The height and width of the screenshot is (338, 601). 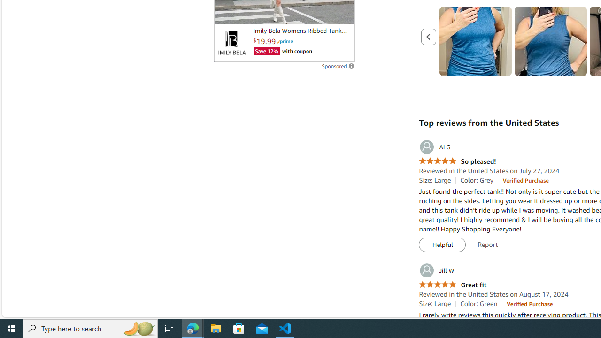 What do you see at coordinates (442, 245) in the screenshot?
I see `'Helpful'` at bounding box center [442, 245].